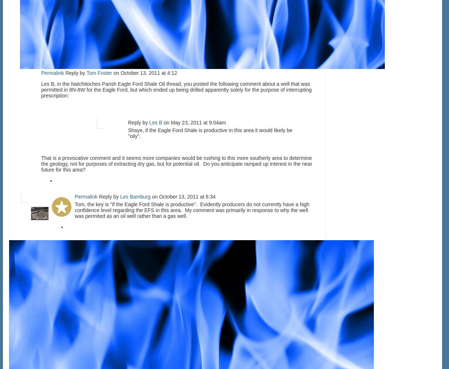 The image size is (449, 369). What do you see at coordinates (41, 89) in the screenshot?
I see `'Les B, in the Natchitoches Parish Eagle Ford Shale Oil thread, you posted the following comment about a well that was permitted in 8N-8W for the Eagle Ford, but which ended up being drilled apparently solely for the purpose of interrupting prescription:'` at bounding box center [41, 89].